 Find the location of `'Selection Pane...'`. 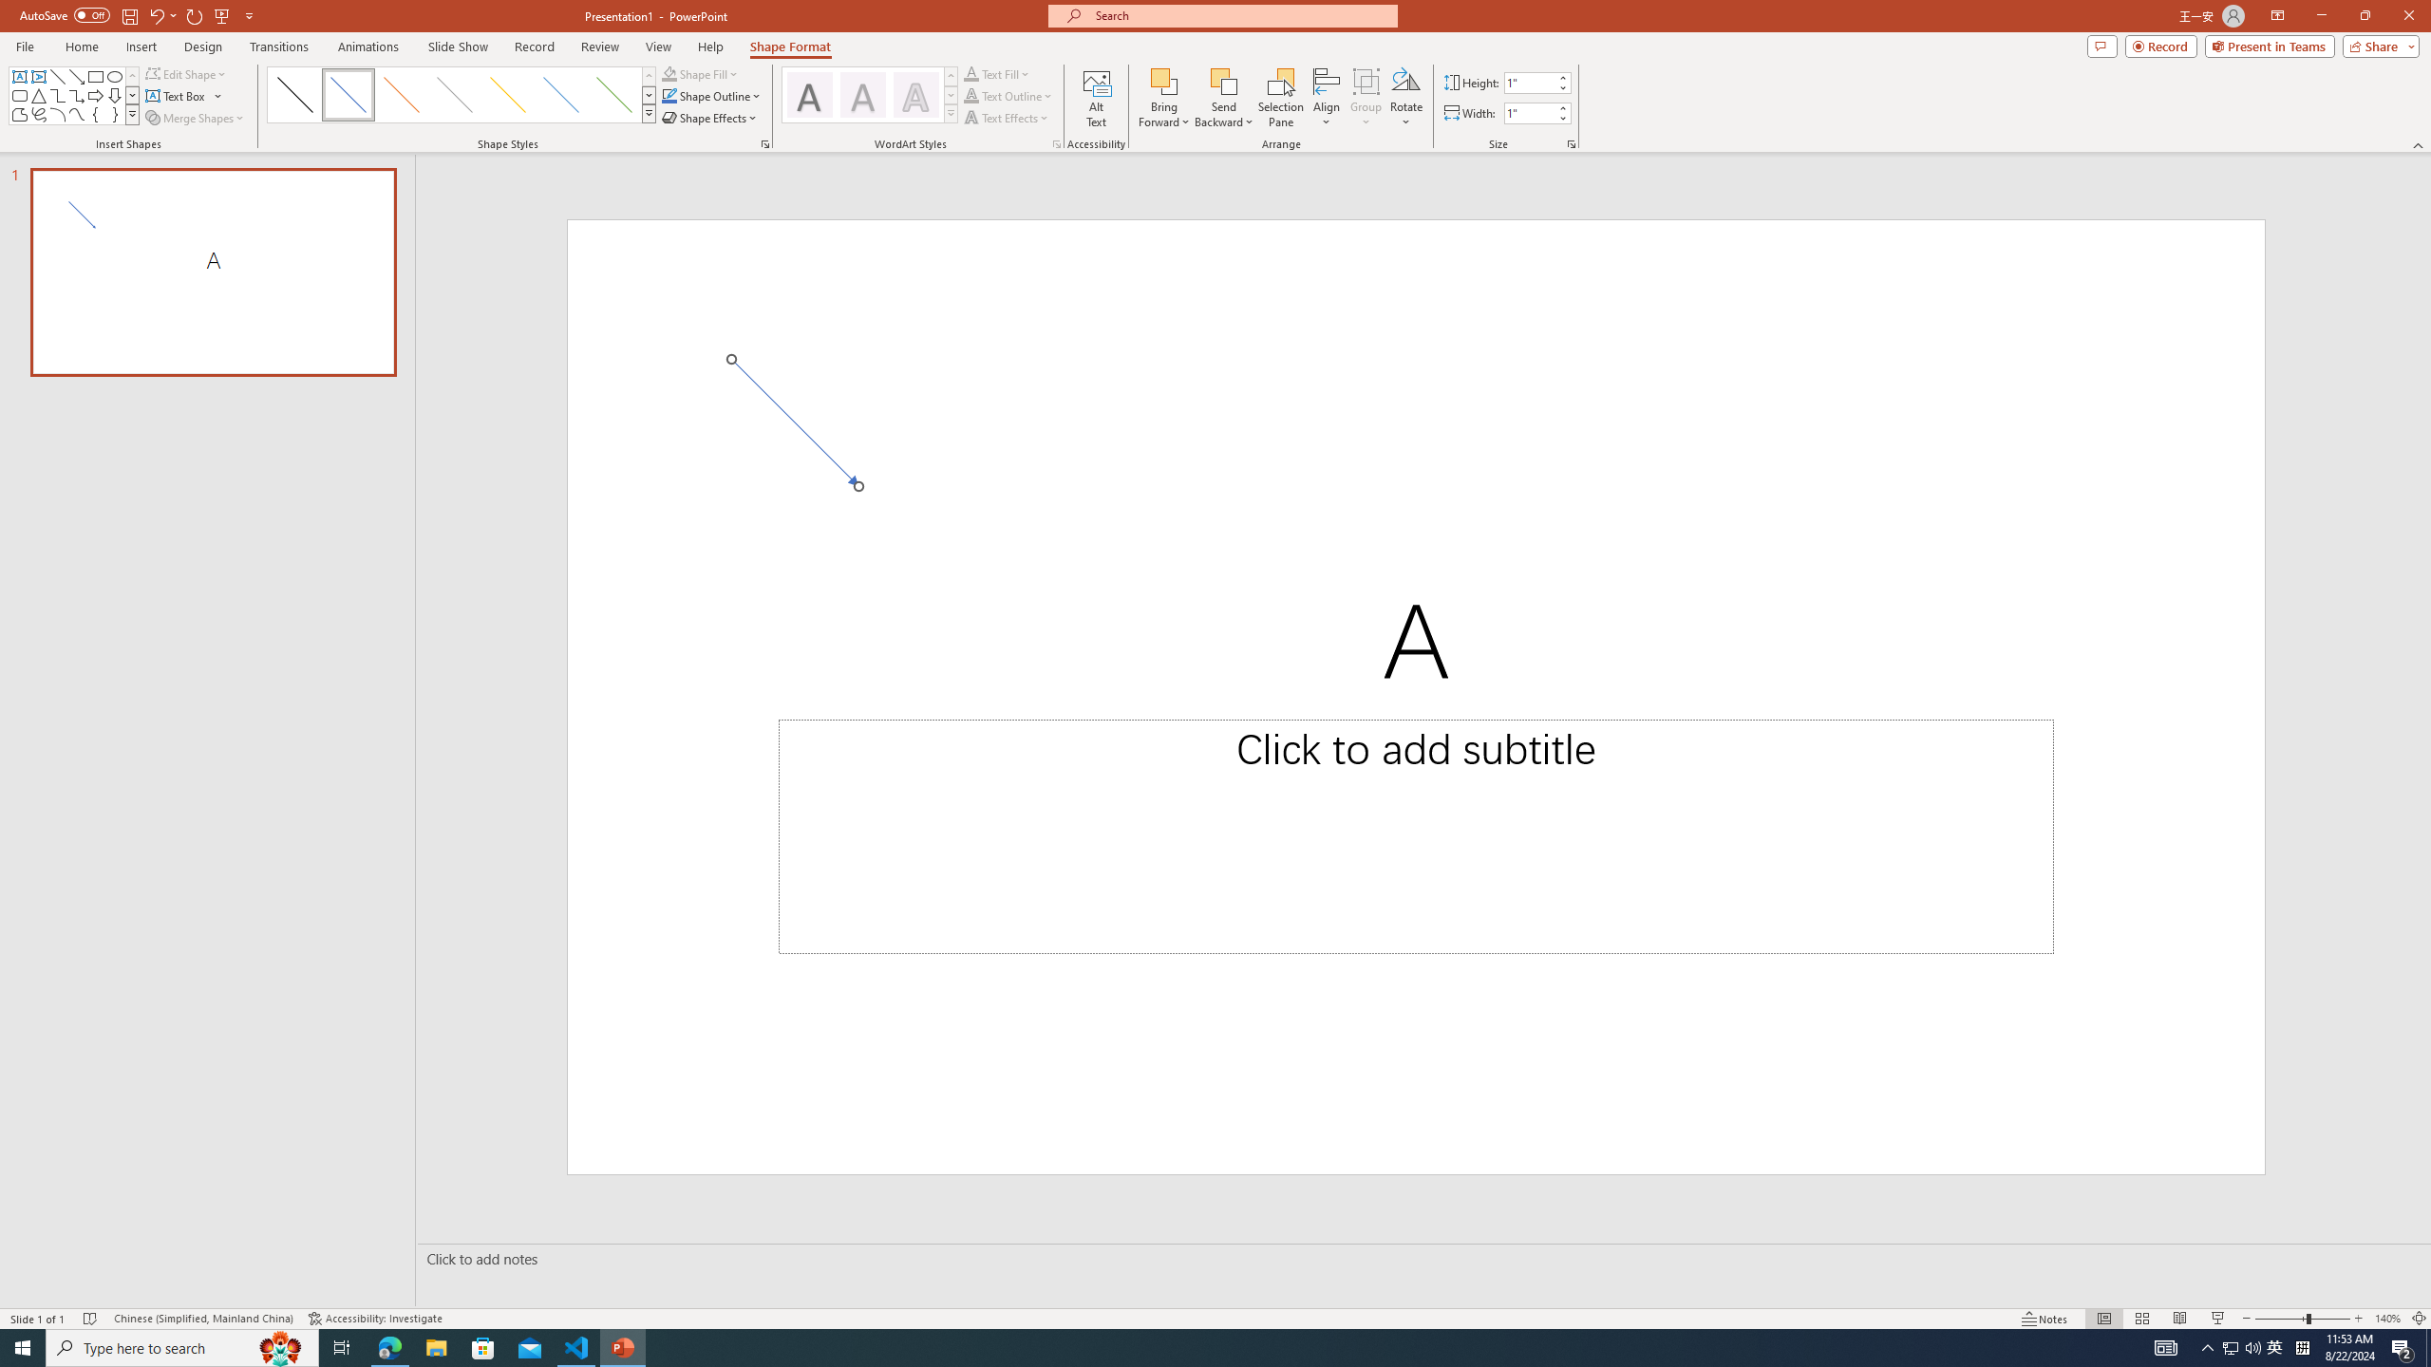

'Selection Pane...' is located at coordinates (1281, 98).